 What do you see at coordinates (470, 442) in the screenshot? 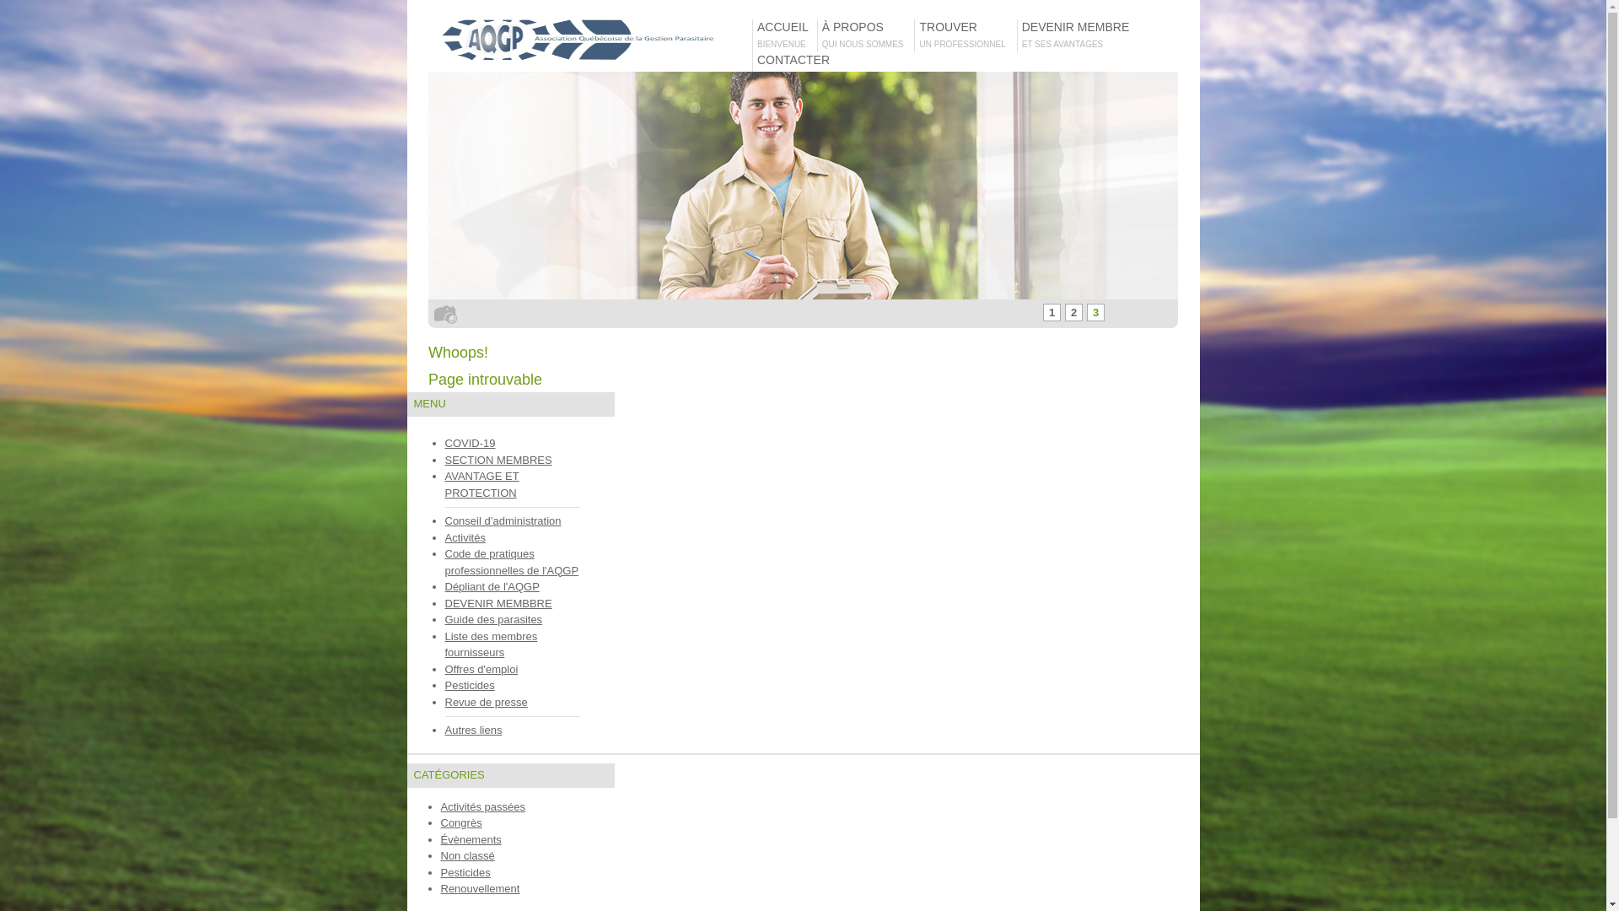
I see `'COVID-19'` at bounding box center [470, 442].